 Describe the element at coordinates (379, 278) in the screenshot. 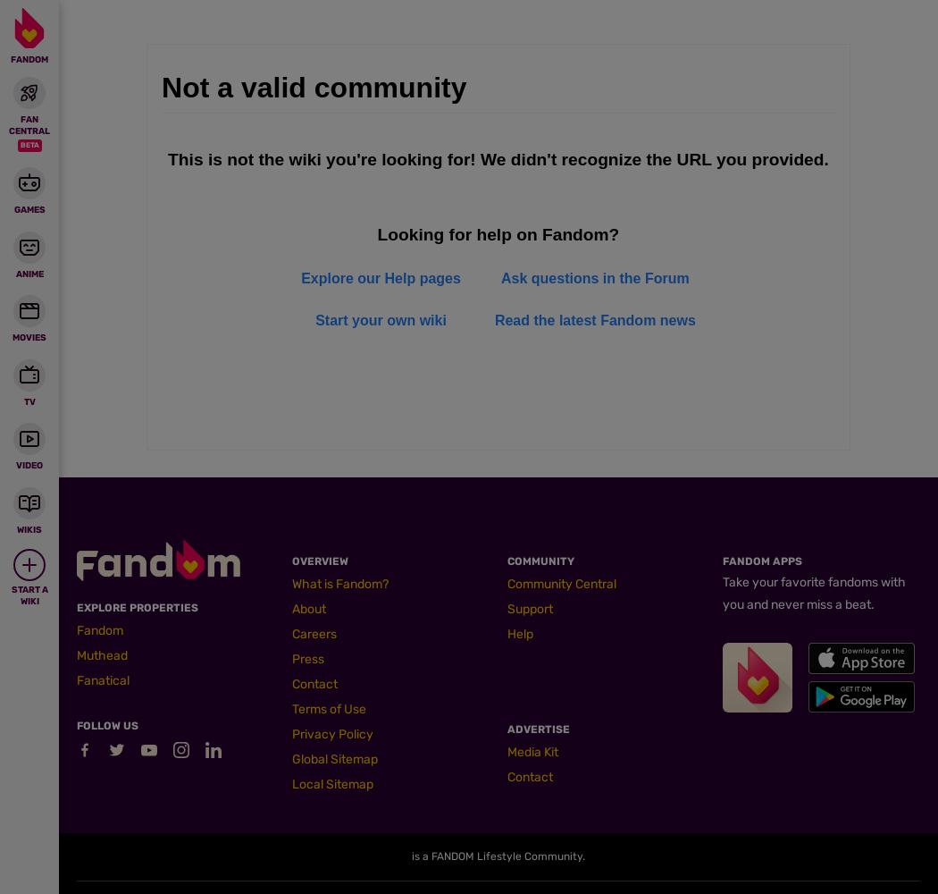

I see `'Explore our Help pages'` at that location.